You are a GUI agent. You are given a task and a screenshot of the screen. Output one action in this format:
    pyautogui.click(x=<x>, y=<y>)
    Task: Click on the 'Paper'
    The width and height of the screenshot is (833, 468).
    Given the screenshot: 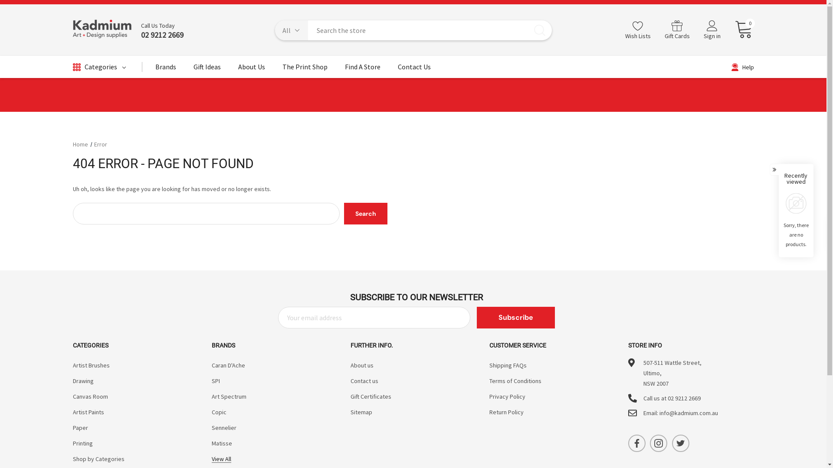 What is the action you would take?
    pyautogui.click(x=80, y=427)
    